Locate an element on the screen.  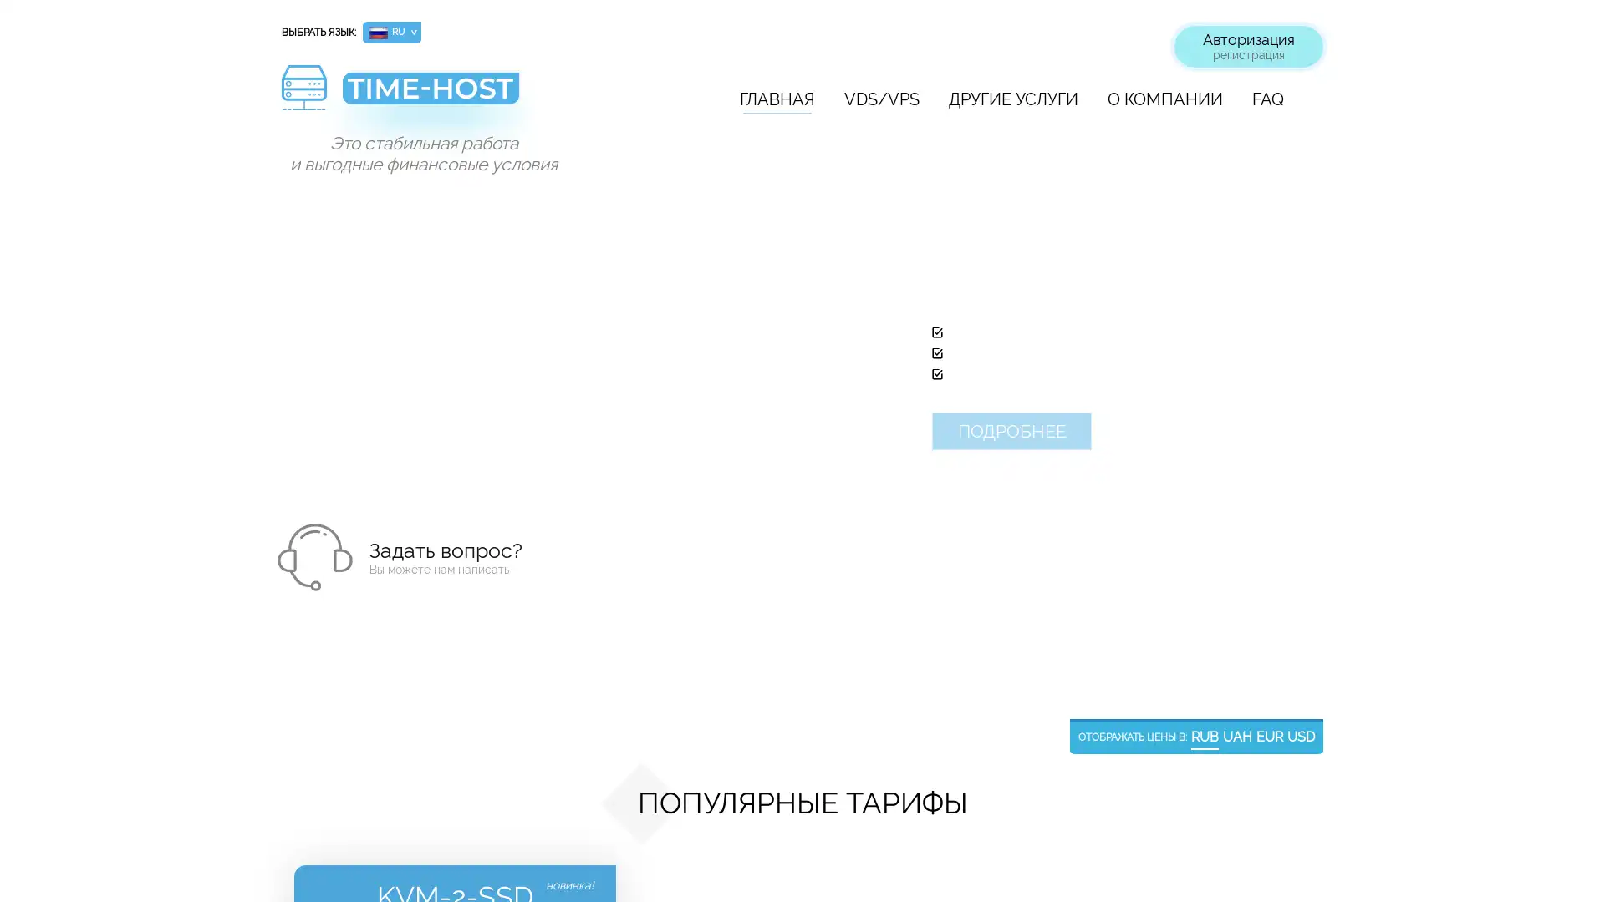
es ES is located at coordinates (391, 140).